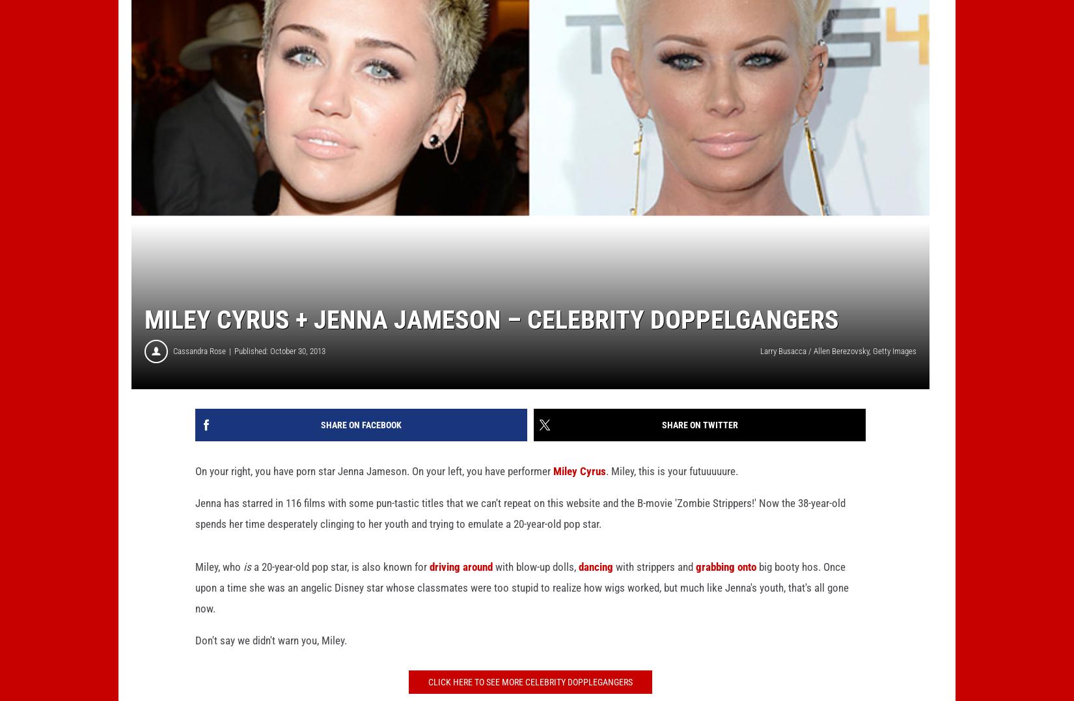 The width and height of the screenshot is (1074, 701). Describe the element at coordinates (521, 608) in the screenshot. I see `'big booty hos. Once upon a time she was an angelic Disney star whose classmates were too stupid to realize how wigs worked, but much like Jenna's youth, that's all gone now.'` at that location.